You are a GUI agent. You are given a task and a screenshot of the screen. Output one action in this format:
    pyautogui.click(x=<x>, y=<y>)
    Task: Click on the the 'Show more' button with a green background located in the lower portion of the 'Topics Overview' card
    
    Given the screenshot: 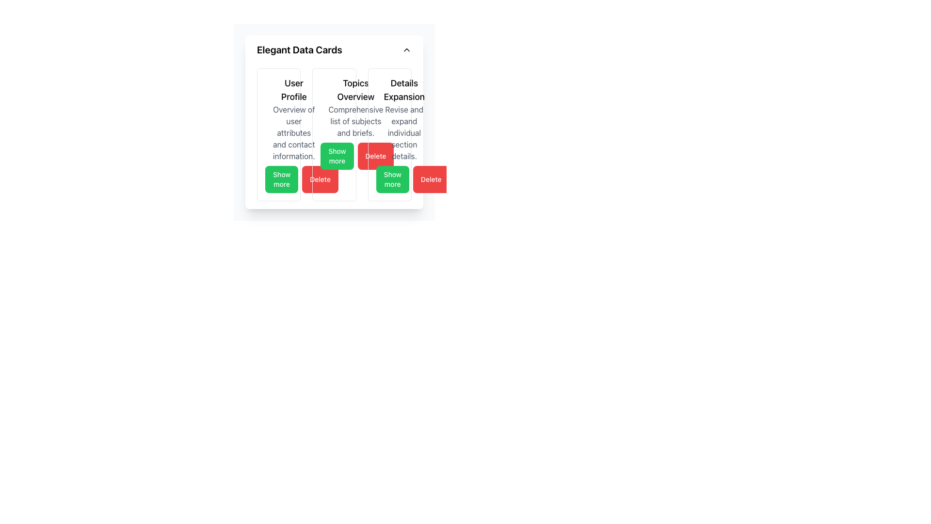 What is the action you would take?
    pyautogui.click(x=392, y=180)
    